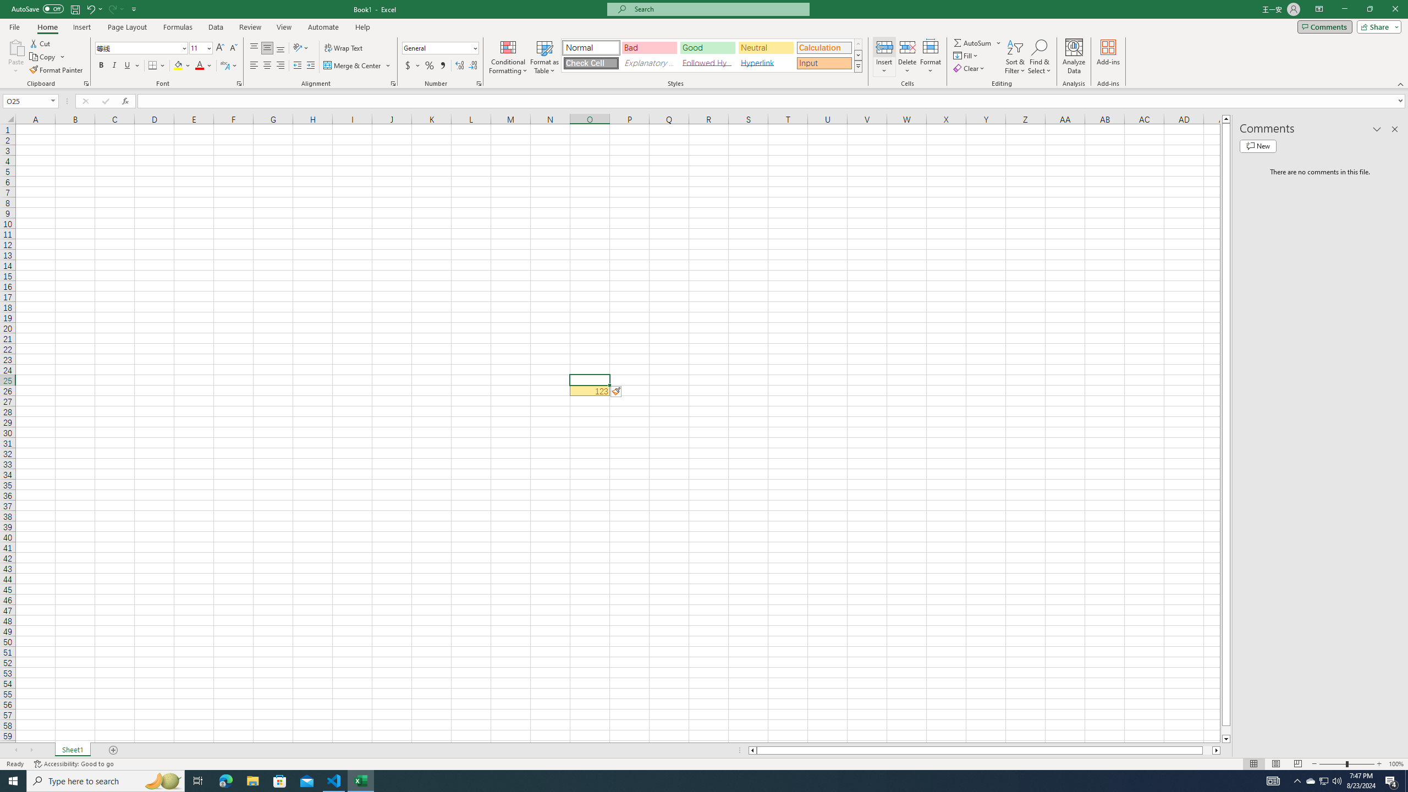  Describe the element at coordinates (362, 27) in the screenshot. I see `'Help'` at that location.